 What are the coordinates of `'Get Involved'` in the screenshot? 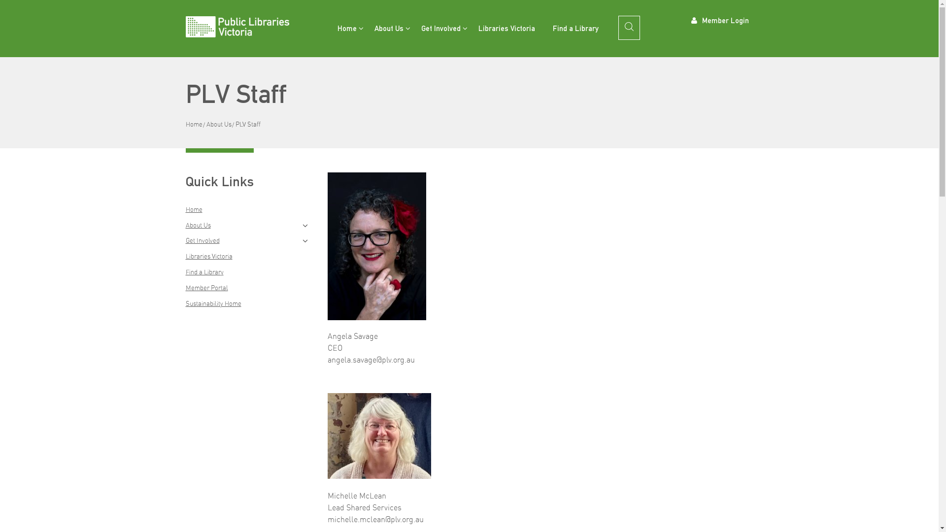 It's located at (185, 240).